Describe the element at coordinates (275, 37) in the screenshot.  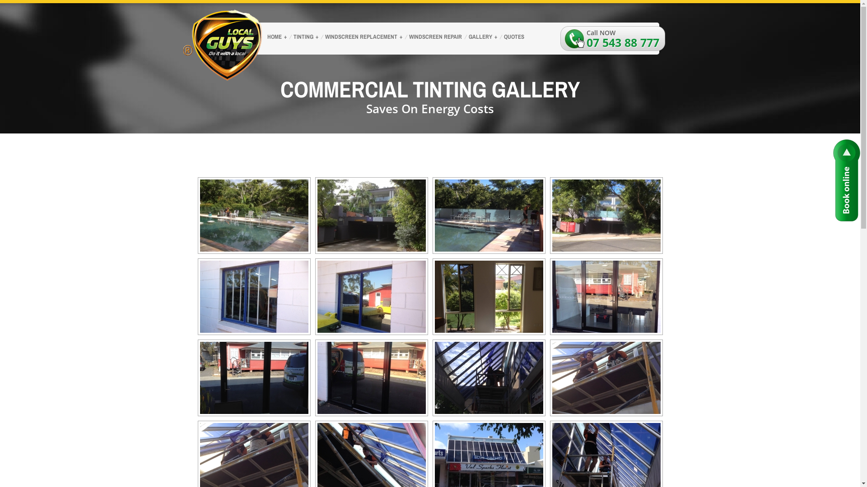
I see `'HOME'` at that location.